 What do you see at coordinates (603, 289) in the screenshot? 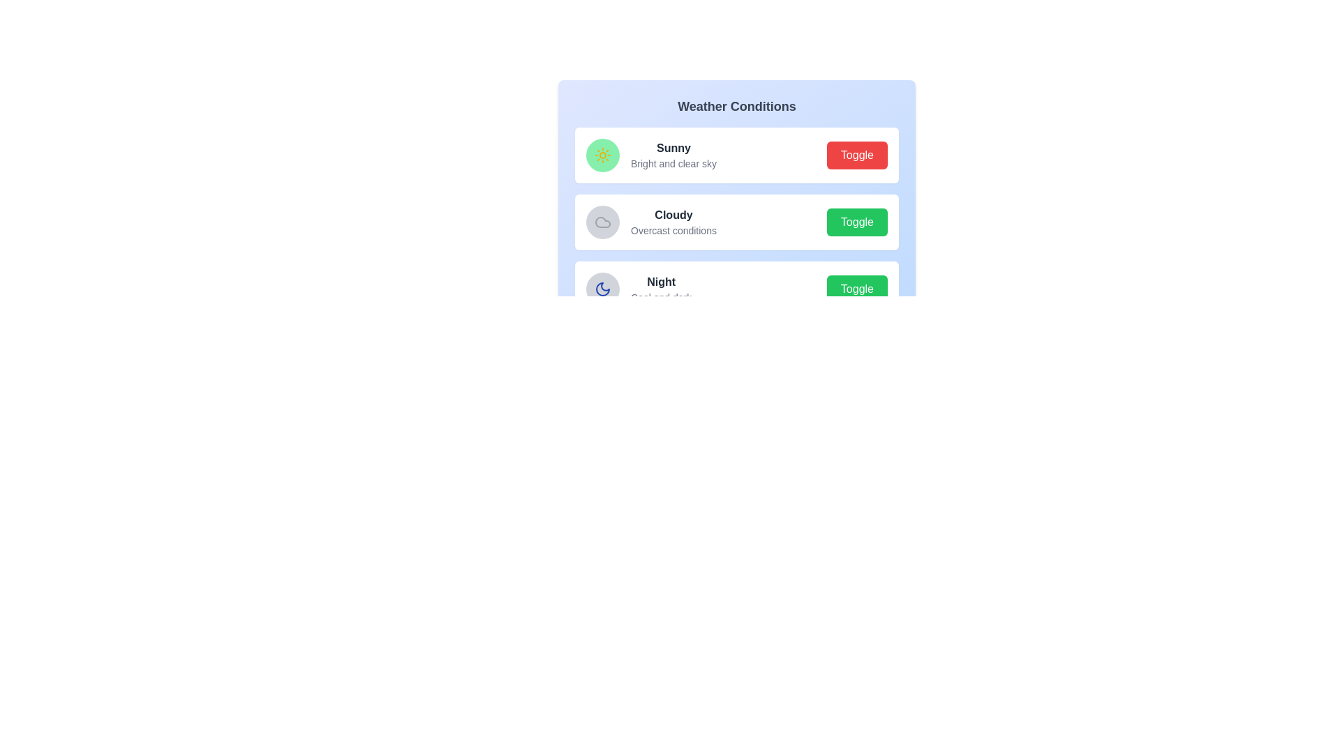
I see `the icon representation of the weather state Night` at bounding box center [603, 289].